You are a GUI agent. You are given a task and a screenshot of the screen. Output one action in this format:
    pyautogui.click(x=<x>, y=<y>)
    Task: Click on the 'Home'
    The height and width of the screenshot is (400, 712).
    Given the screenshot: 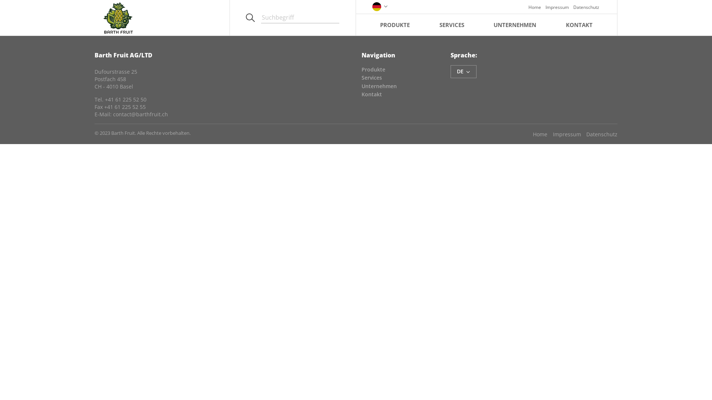 What is the action you would take?
    pyautogui.click(x=532, y=7)
    